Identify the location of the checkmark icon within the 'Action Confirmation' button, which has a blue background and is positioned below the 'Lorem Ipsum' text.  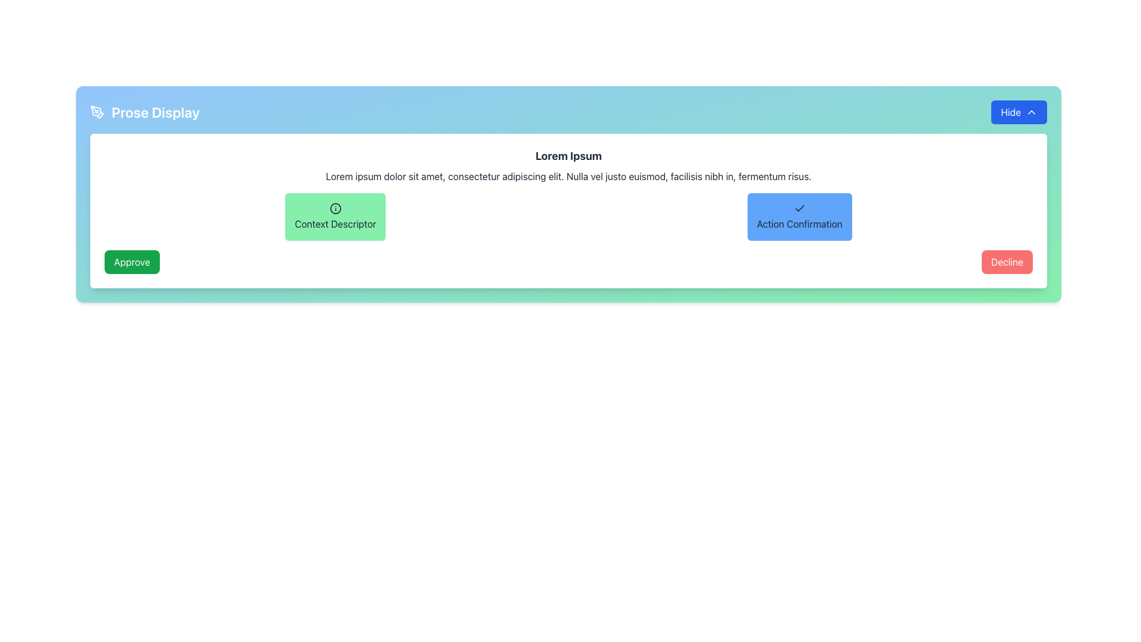
(799, 207).